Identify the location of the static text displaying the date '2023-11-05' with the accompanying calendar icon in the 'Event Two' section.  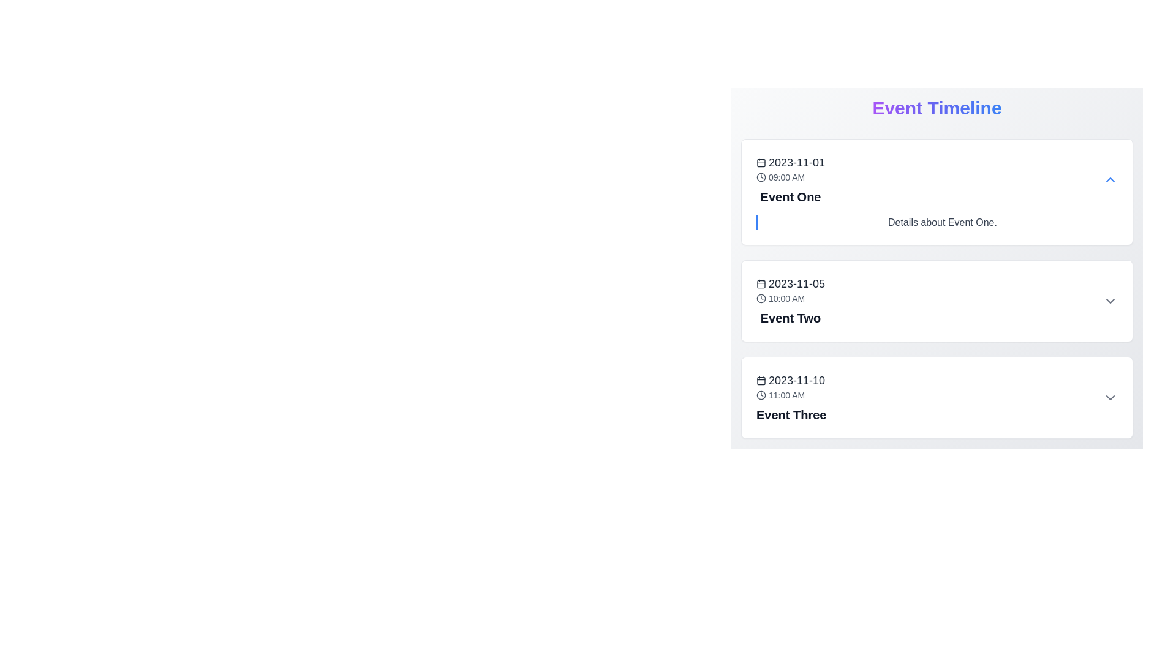
(791, 283).